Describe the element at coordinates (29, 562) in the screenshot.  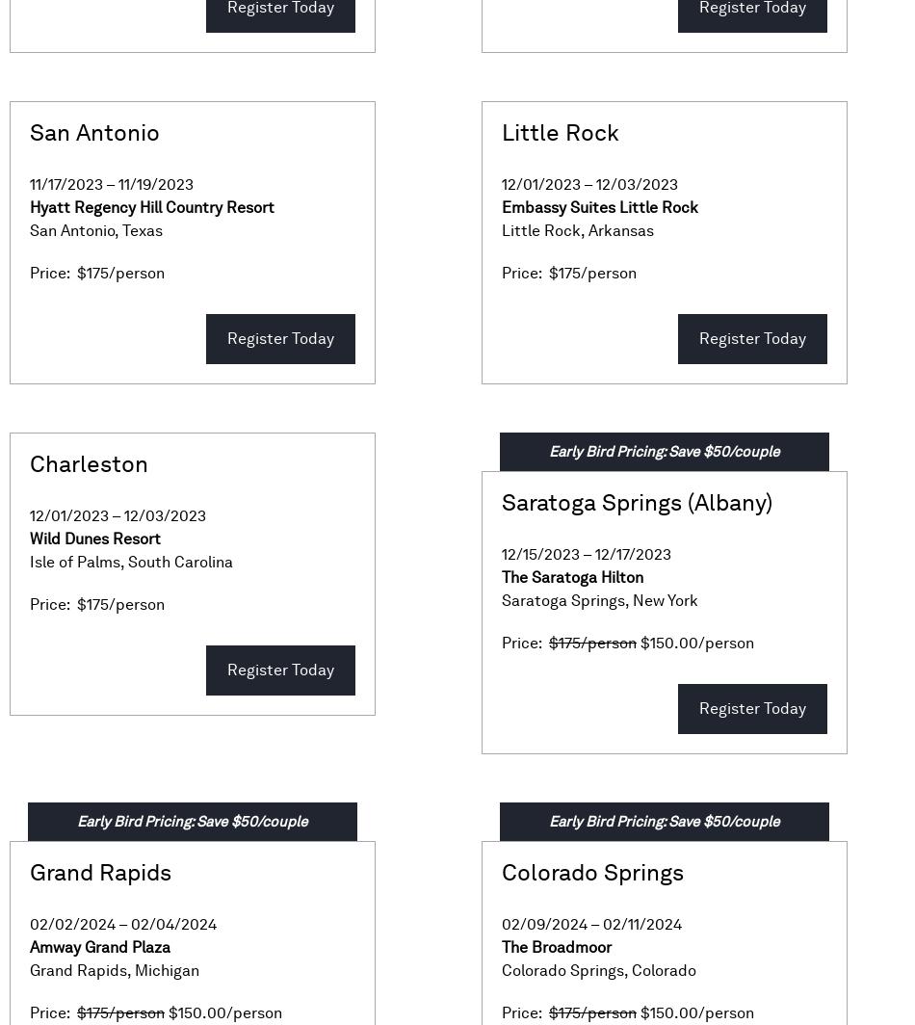
I see `'Isle of Palms'` at that location.